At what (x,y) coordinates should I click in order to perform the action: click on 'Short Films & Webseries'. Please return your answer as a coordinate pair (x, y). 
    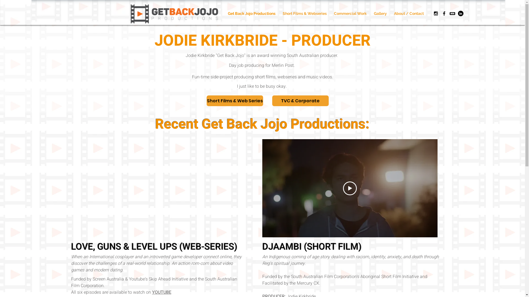
    Looking at the image, I should click on (304, 13).